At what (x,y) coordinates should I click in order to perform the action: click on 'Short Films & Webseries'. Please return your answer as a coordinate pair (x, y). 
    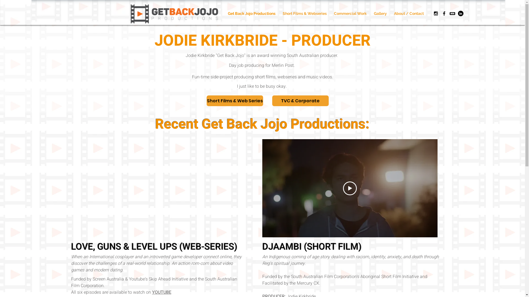
    Looking at the image, I should click on (304, 13).